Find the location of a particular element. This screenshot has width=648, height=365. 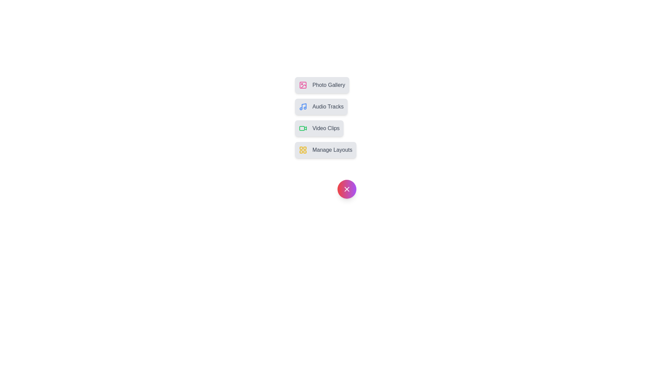

the interactive button with an icon and label, the first item in a vertical list is located at coordinates (322, 84).